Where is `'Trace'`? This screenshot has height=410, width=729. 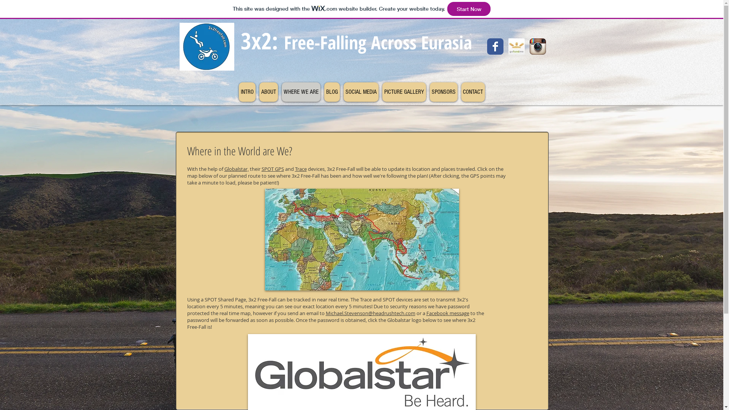
'Trace' is located at coordinates (300, 168).